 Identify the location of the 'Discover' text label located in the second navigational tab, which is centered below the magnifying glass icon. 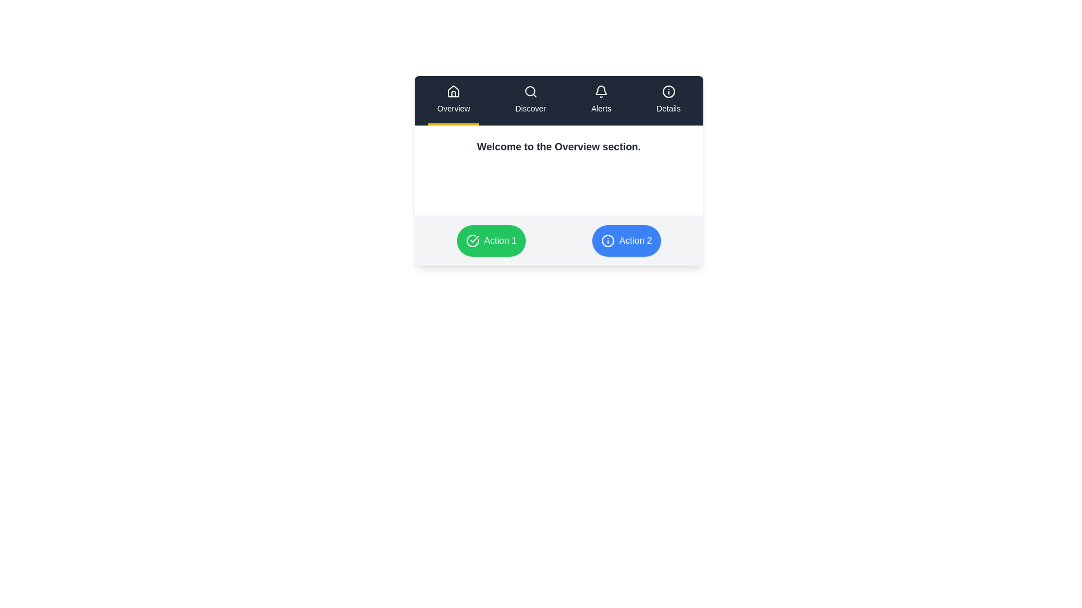
(530, 108).